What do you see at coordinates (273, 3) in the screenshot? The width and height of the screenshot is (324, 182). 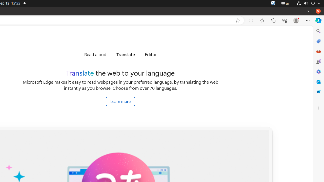 I see `':1.72/StatusNotifierItem'` at bounding box center [273, 3].